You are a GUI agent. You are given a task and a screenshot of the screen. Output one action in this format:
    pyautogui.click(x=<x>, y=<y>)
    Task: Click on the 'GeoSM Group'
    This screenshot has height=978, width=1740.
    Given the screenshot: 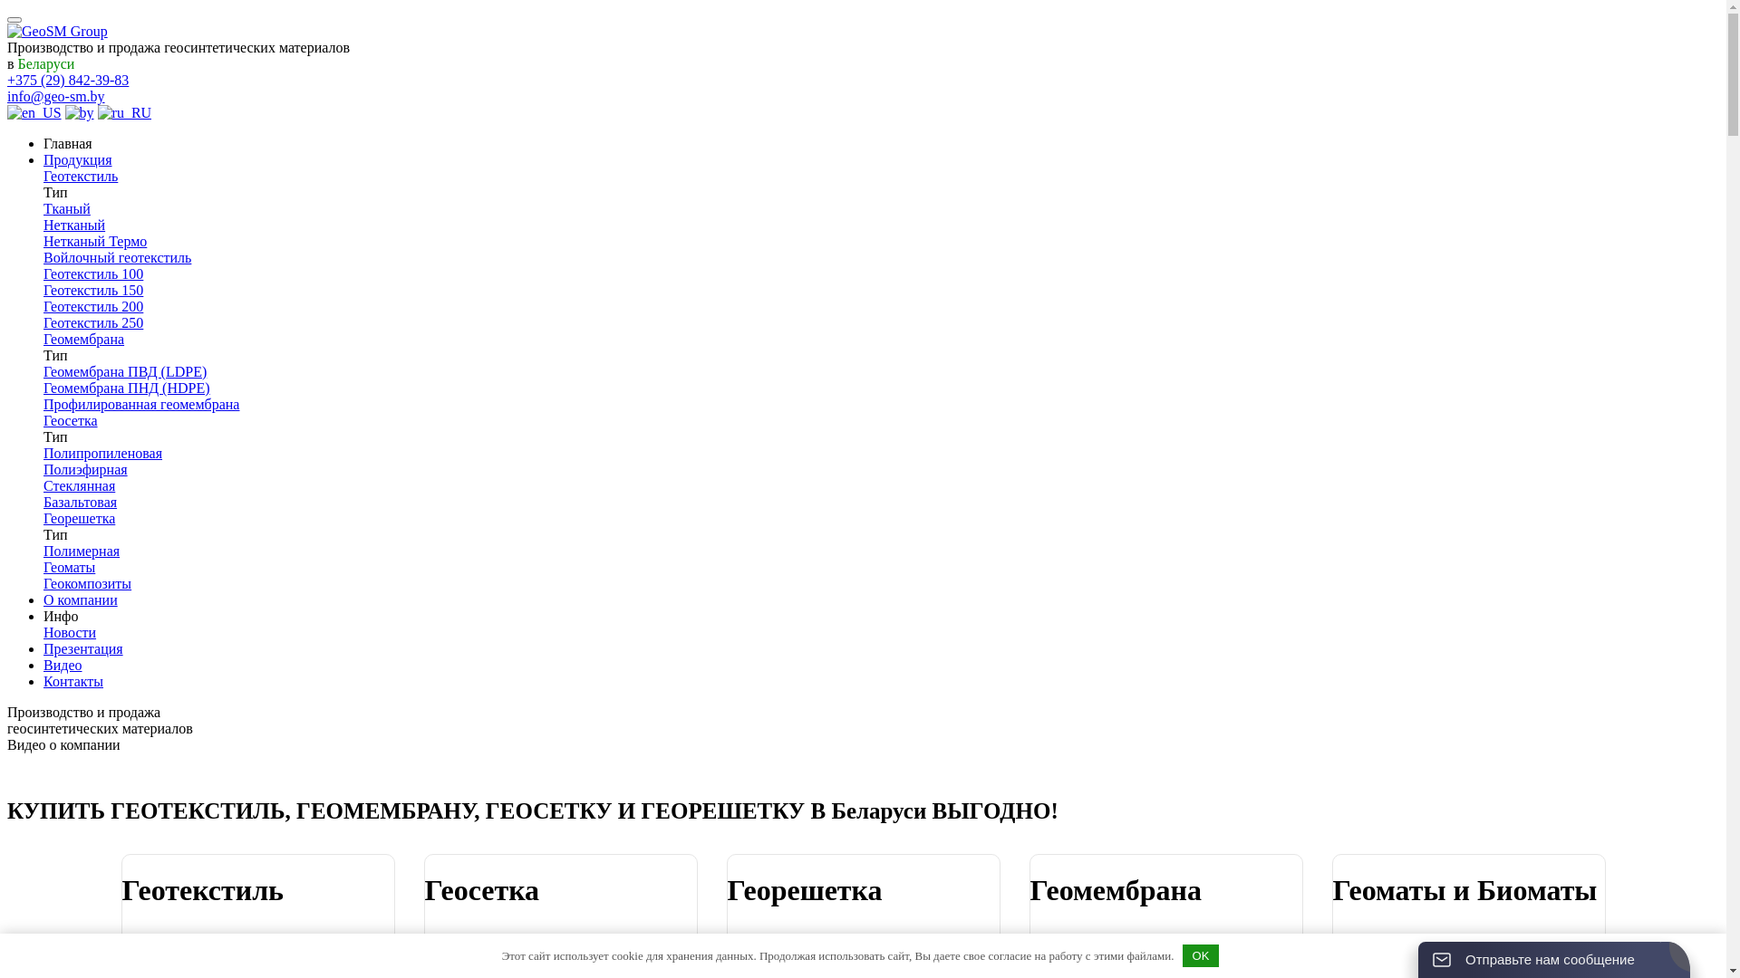 What is the action you would take?
    pyautogui.click(x=57, y=31)
    